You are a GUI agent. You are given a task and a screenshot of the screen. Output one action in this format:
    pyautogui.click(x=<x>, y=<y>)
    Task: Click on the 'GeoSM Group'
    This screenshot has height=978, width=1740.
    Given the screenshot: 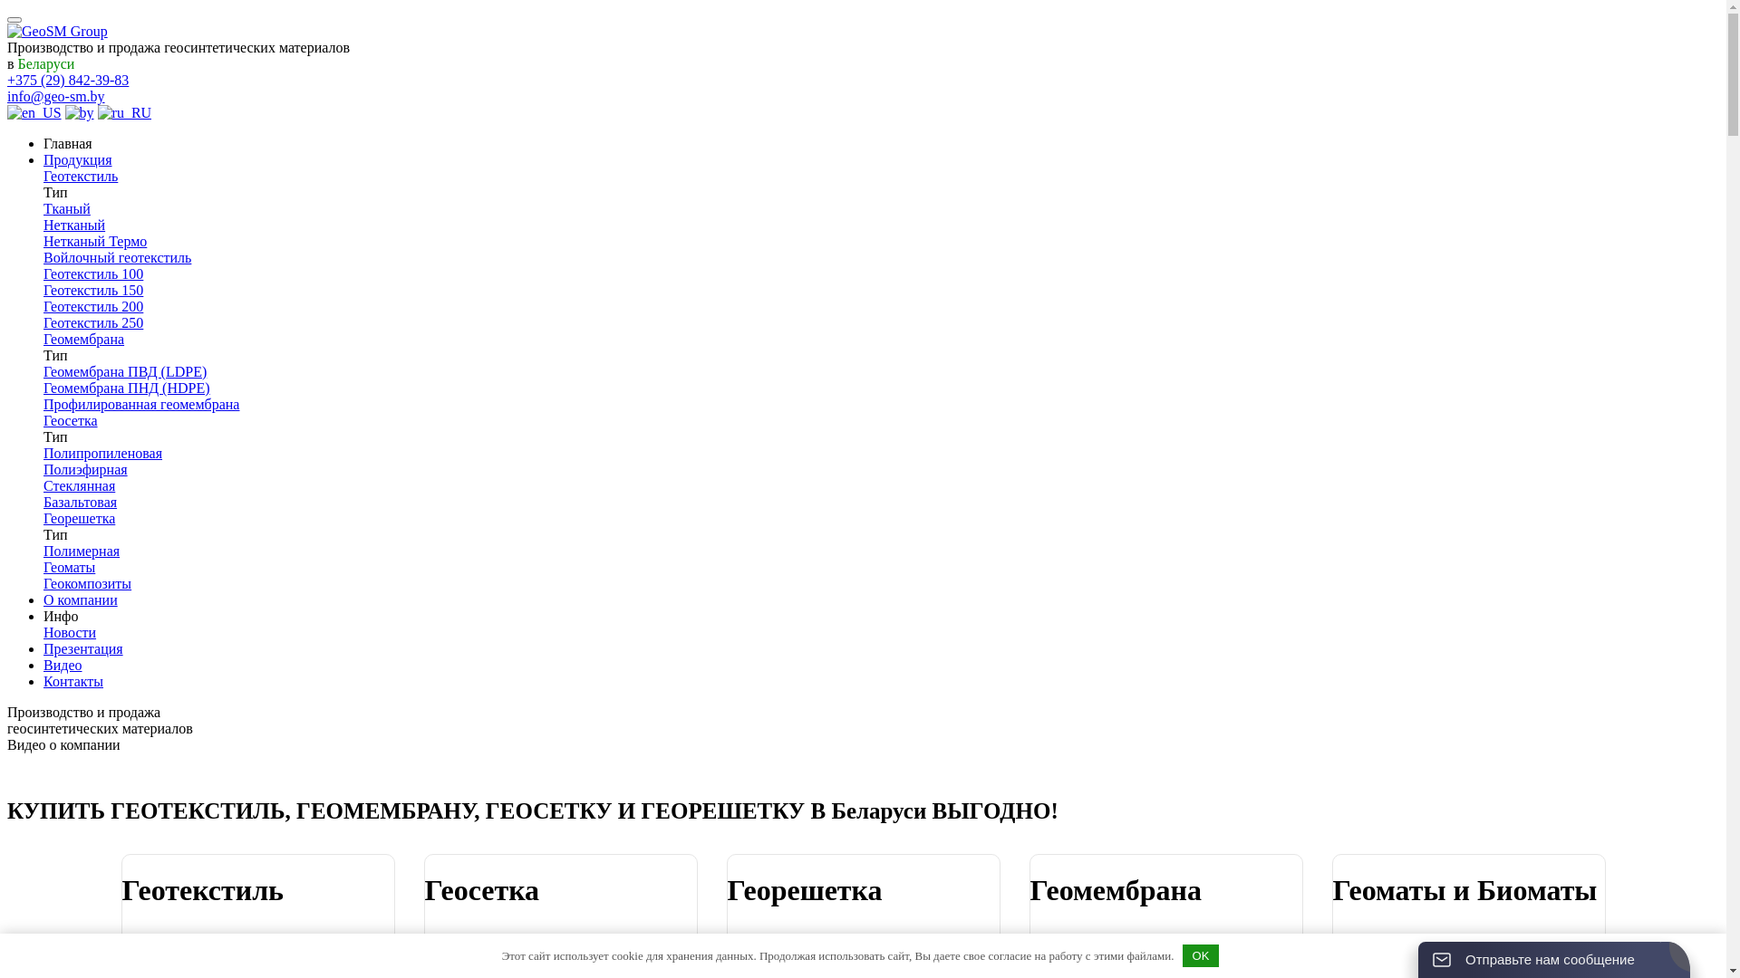 What is the action you would take?
    pyautogui.click(x=57, y=31)
    